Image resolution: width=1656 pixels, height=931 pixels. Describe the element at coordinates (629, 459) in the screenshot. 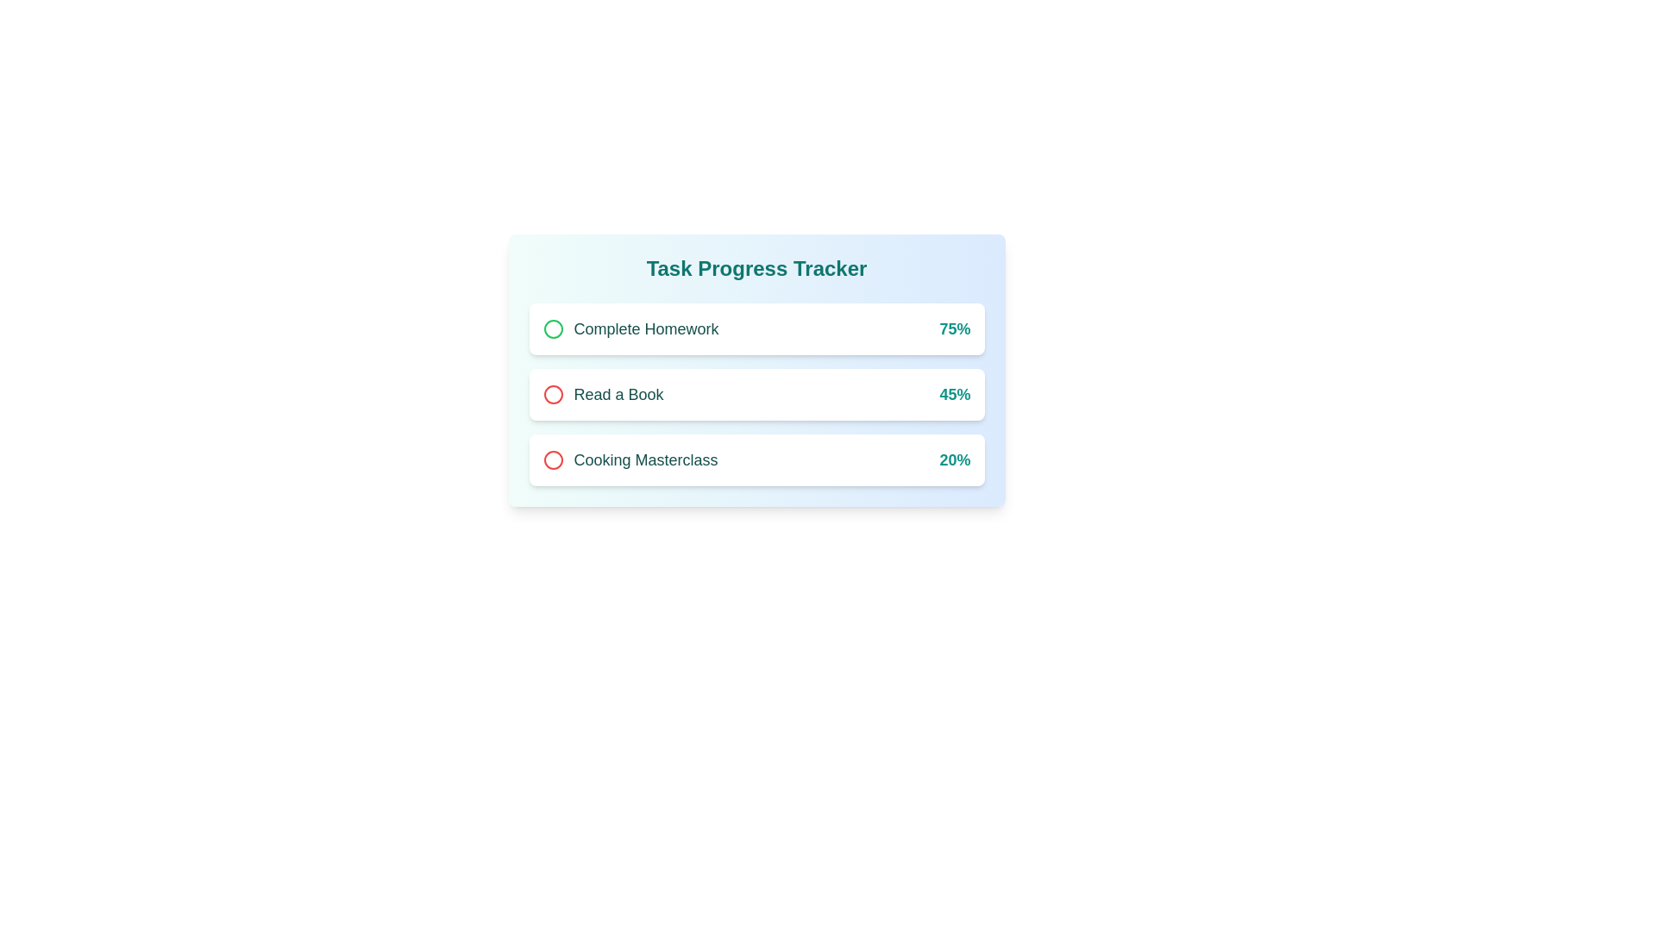

I see `the third task entry in the task progress tracker, which is positioned to the left of the '20%' percentage indicator and follows 'Complete Homework' and 'Read a Book'` at that location.